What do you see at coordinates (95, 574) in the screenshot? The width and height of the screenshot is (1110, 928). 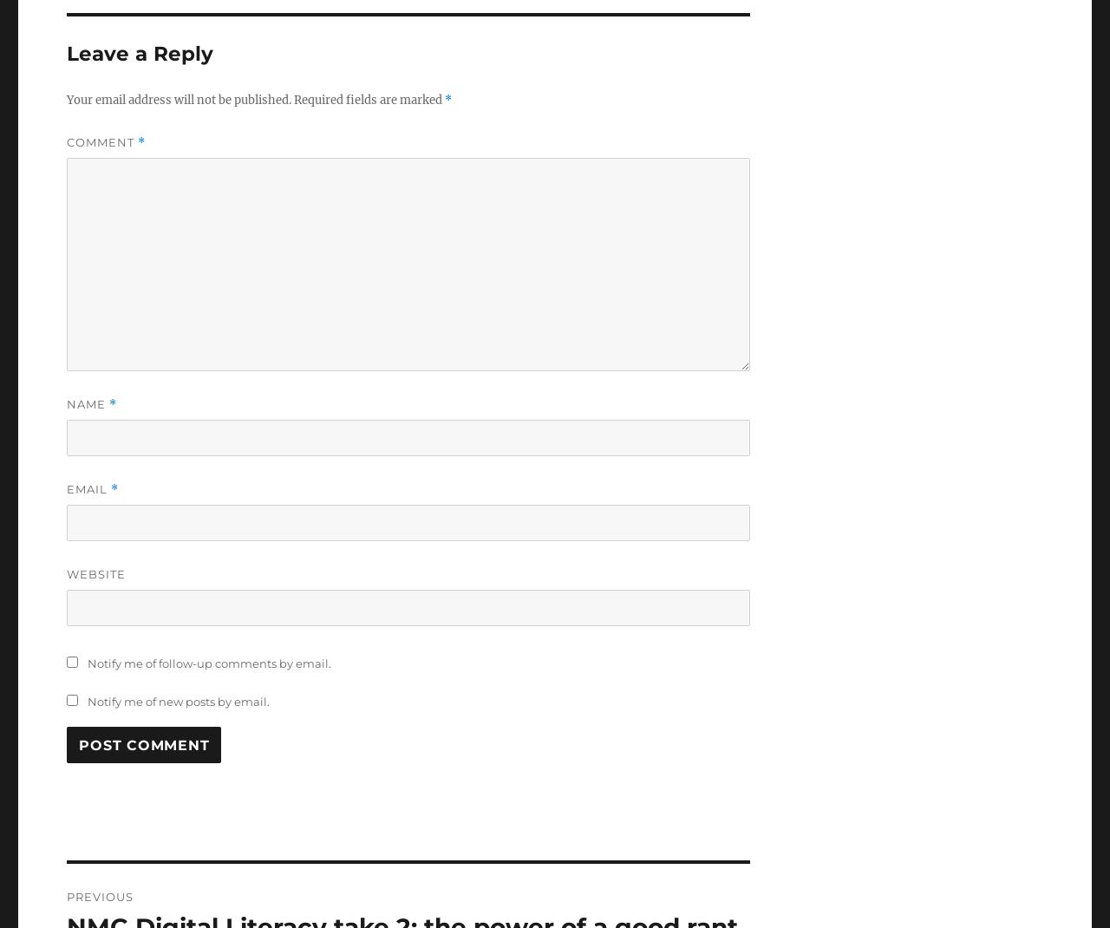 I see `'Website'` at bounding box center [95, 574].